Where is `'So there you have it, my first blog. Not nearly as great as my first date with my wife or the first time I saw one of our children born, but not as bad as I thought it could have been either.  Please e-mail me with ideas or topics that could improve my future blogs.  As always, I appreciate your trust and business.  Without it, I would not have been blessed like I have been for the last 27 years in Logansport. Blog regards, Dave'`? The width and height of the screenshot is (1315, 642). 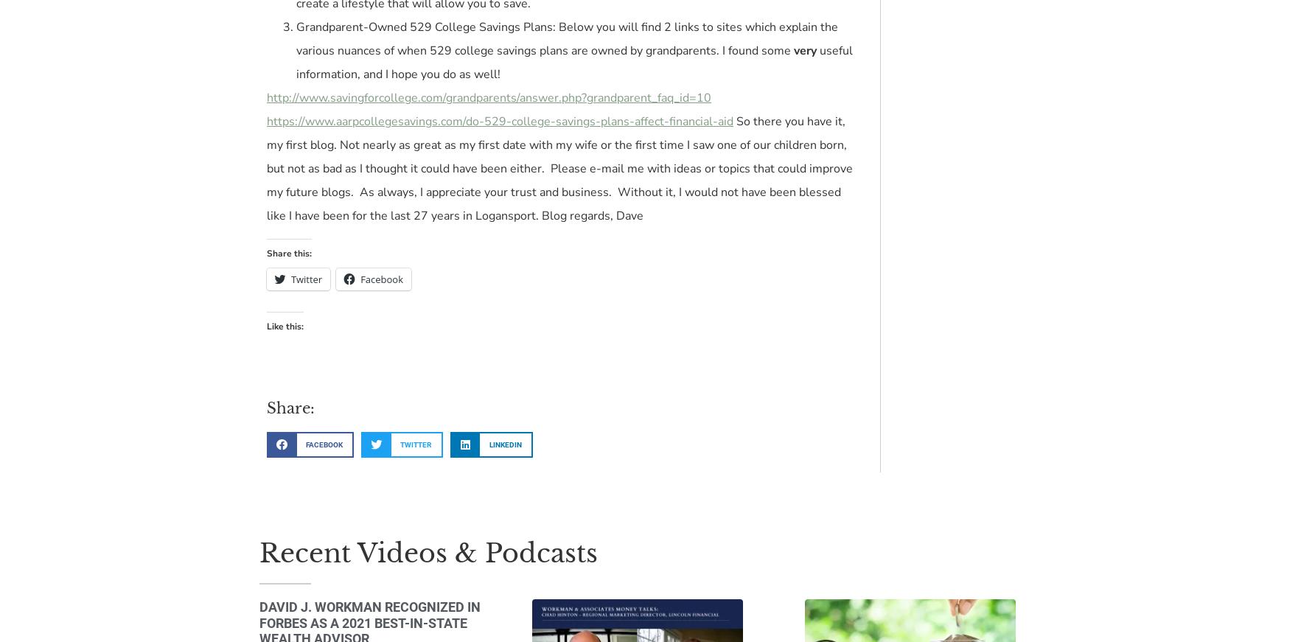
'So there you have it, my first blog. Not nearly as great as my first date with my wife or the first time I saw one of our children born, but not as bad as I thought it could have been either.  Please e-mail me with ideas or topics that could improve my future blogs.  As always, I appreciate your trust and business.  Without it, I would not have been blessed like I have been for the last 27 years in Logansport. Blog regards, Dave' is located at coordinates (265, 168).